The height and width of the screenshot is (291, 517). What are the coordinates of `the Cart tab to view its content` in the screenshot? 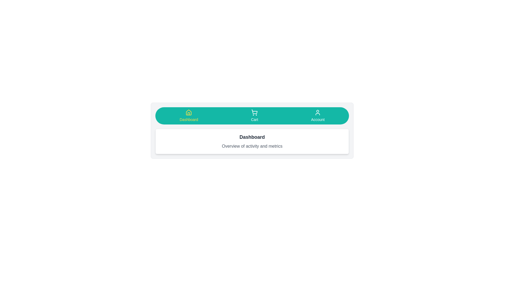 It's located at (254, 115).